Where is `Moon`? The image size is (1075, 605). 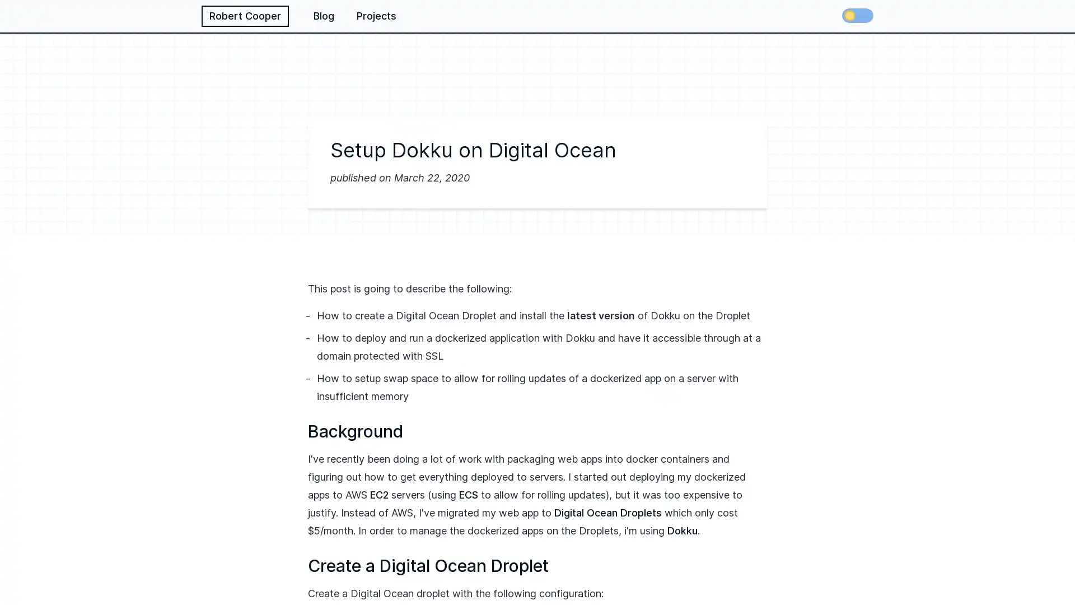
Moon is located at coordinates (857, 15).